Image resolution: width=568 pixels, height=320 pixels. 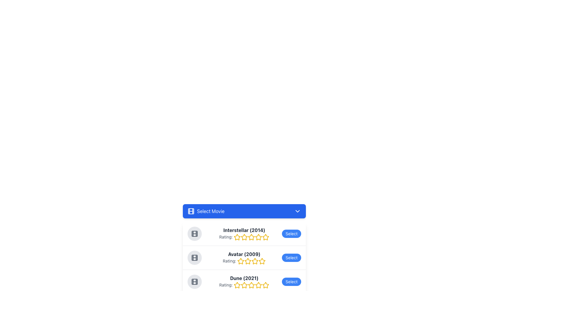 I want to click on the circular Avatar/Icon element resembling a film reel, located to the left of the text 'Avatar (2009) Rating:', so click(x=194, y=257).